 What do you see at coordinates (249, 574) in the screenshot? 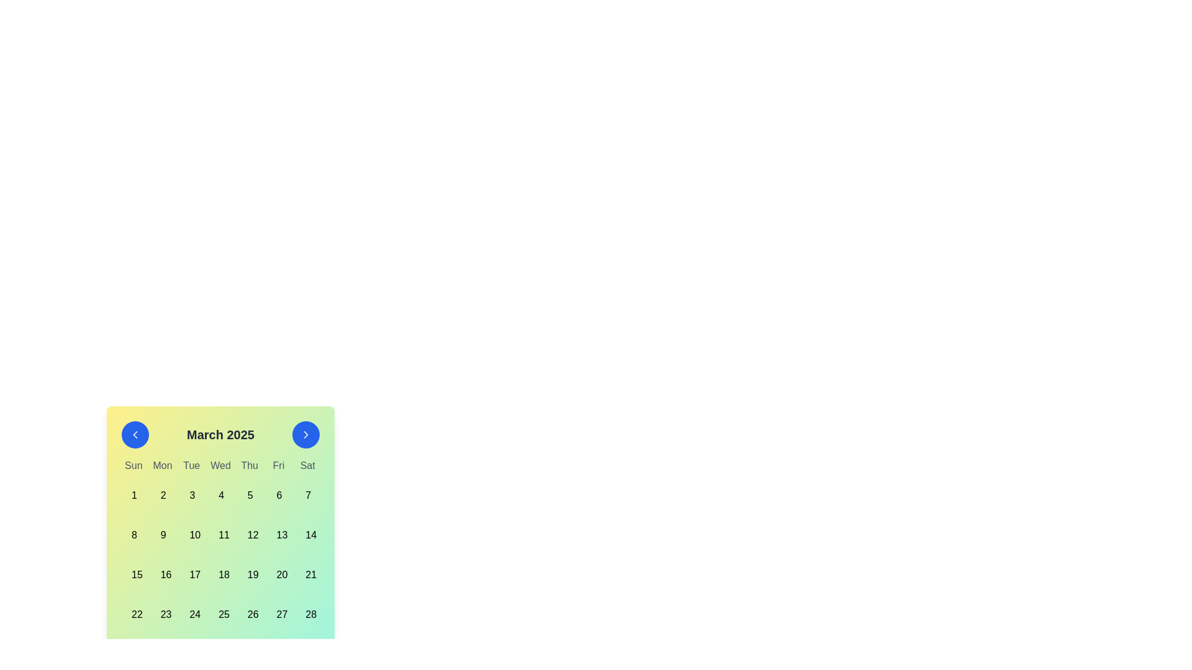
I see `the selectable date button in the fifth column of the fourth row under the March 2025 calendar to trigger hover effects` at bounding box center [249, 574].